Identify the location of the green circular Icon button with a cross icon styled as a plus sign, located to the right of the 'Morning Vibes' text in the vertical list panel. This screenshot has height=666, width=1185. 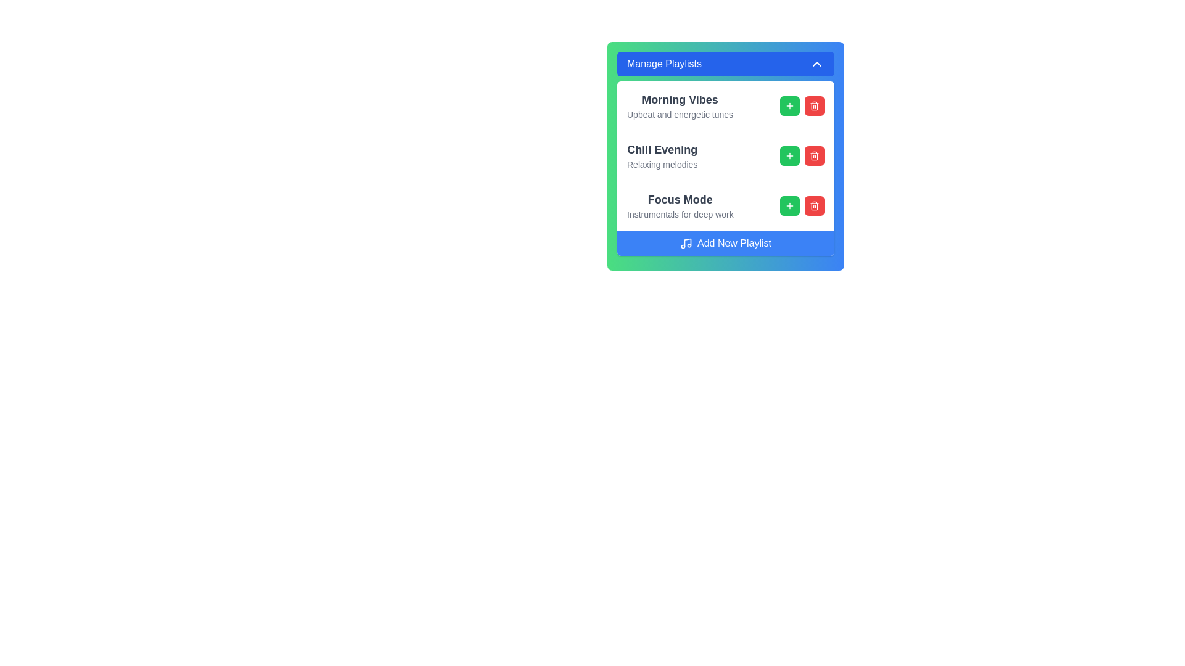
(790, 155).